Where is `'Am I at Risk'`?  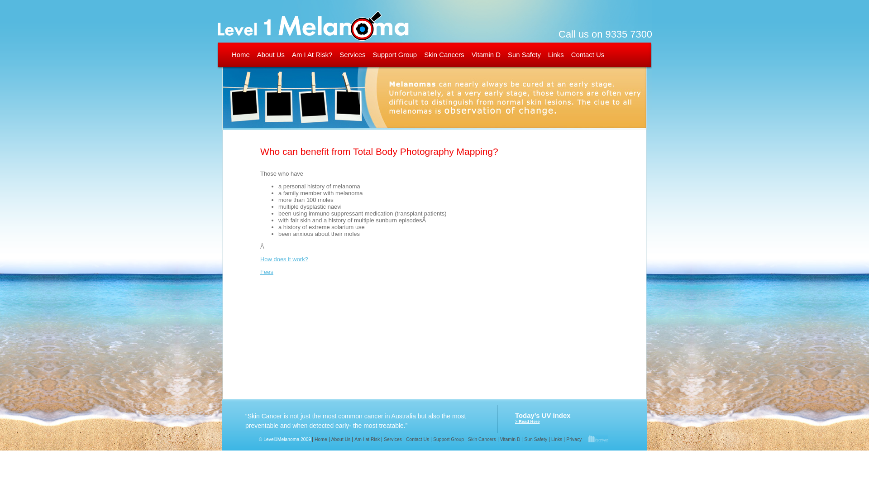
'Am I at Risk' is located at coordinates (367, 439).